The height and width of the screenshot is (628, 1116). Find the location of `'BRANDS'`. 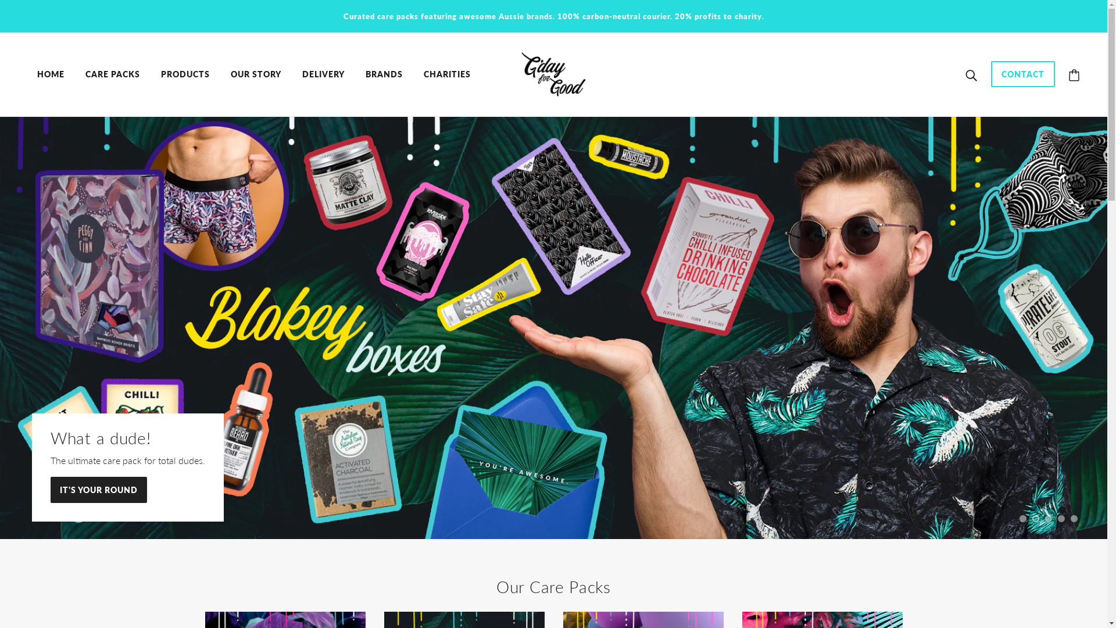

'BRANDS' is located at coordinates (384, 74).